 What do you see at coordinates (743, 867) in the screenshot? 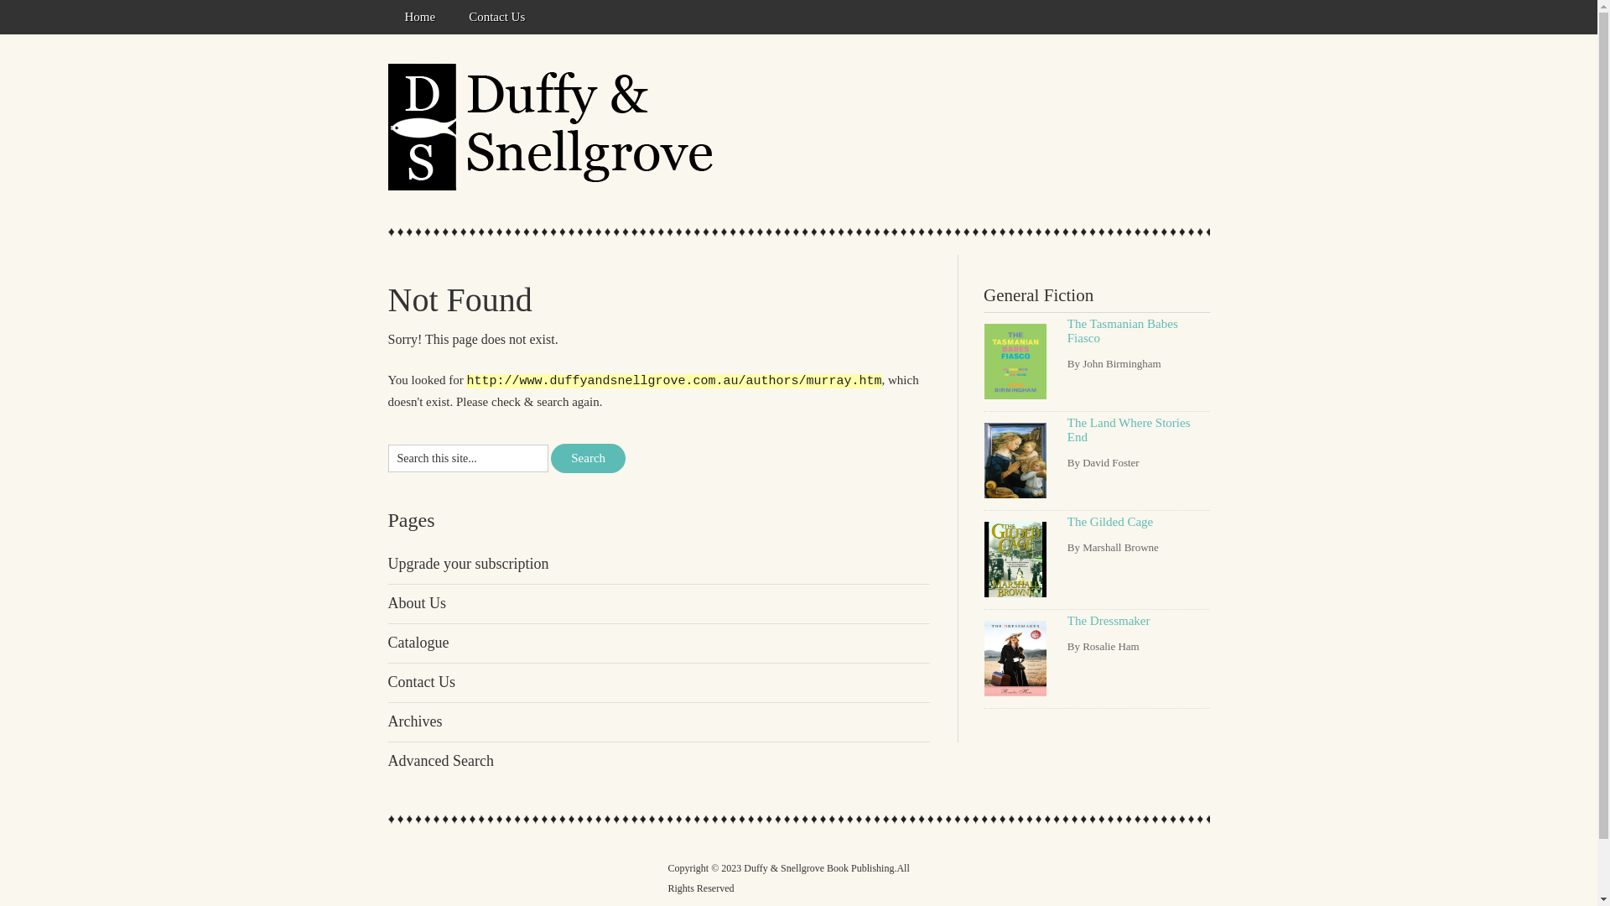
I see `'Duffy & Snellgrove Book Publishing'` at bounding box center [743, 867].